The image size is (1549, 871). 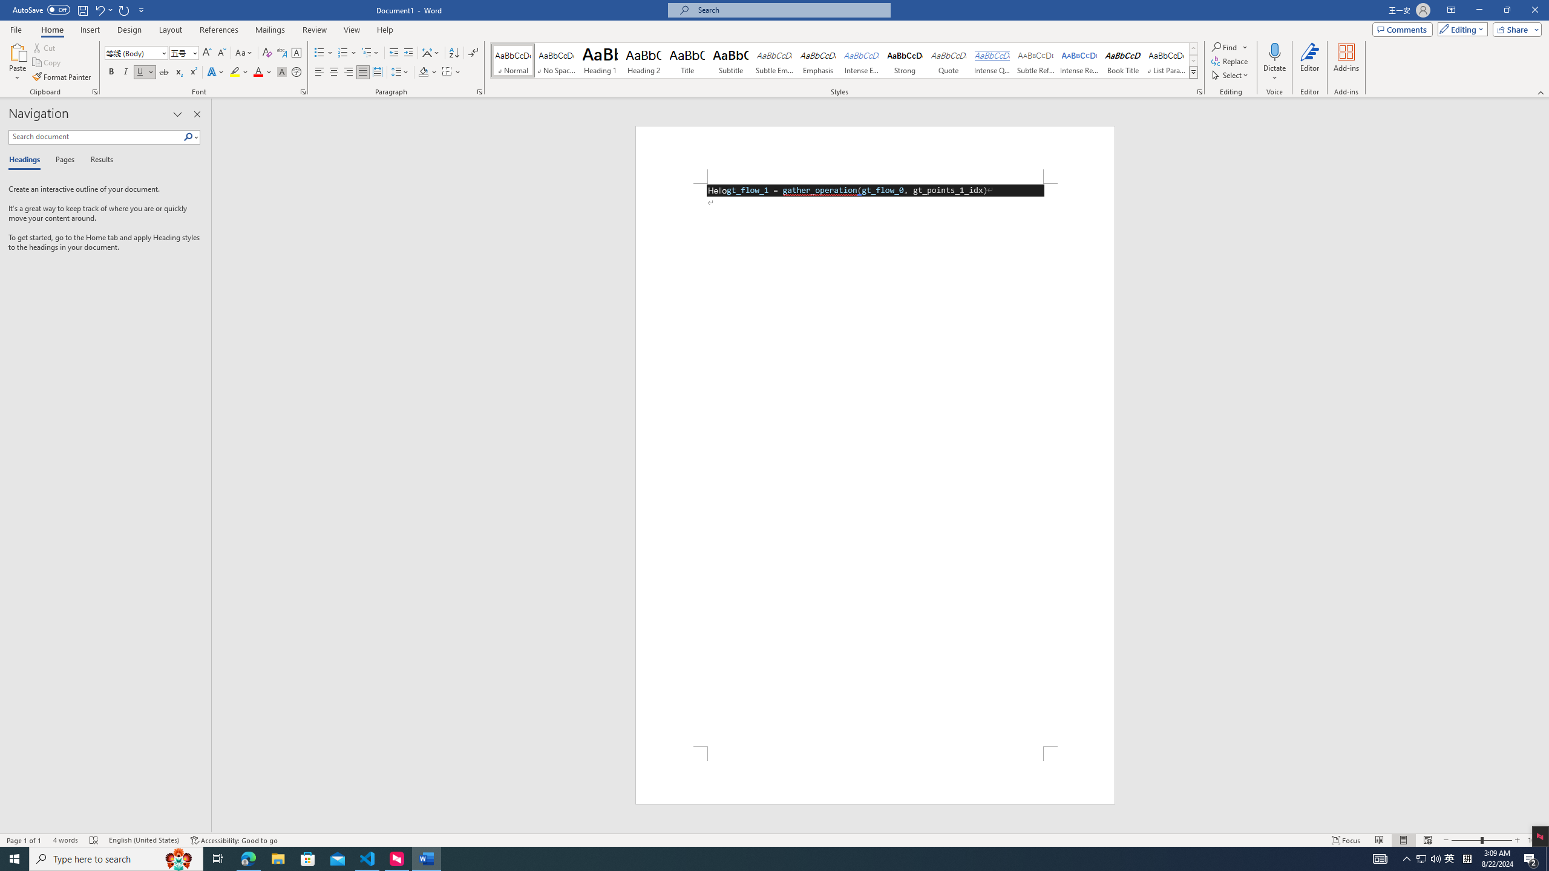 I want to click on 'Heading 2', so click(x=643, y=60).